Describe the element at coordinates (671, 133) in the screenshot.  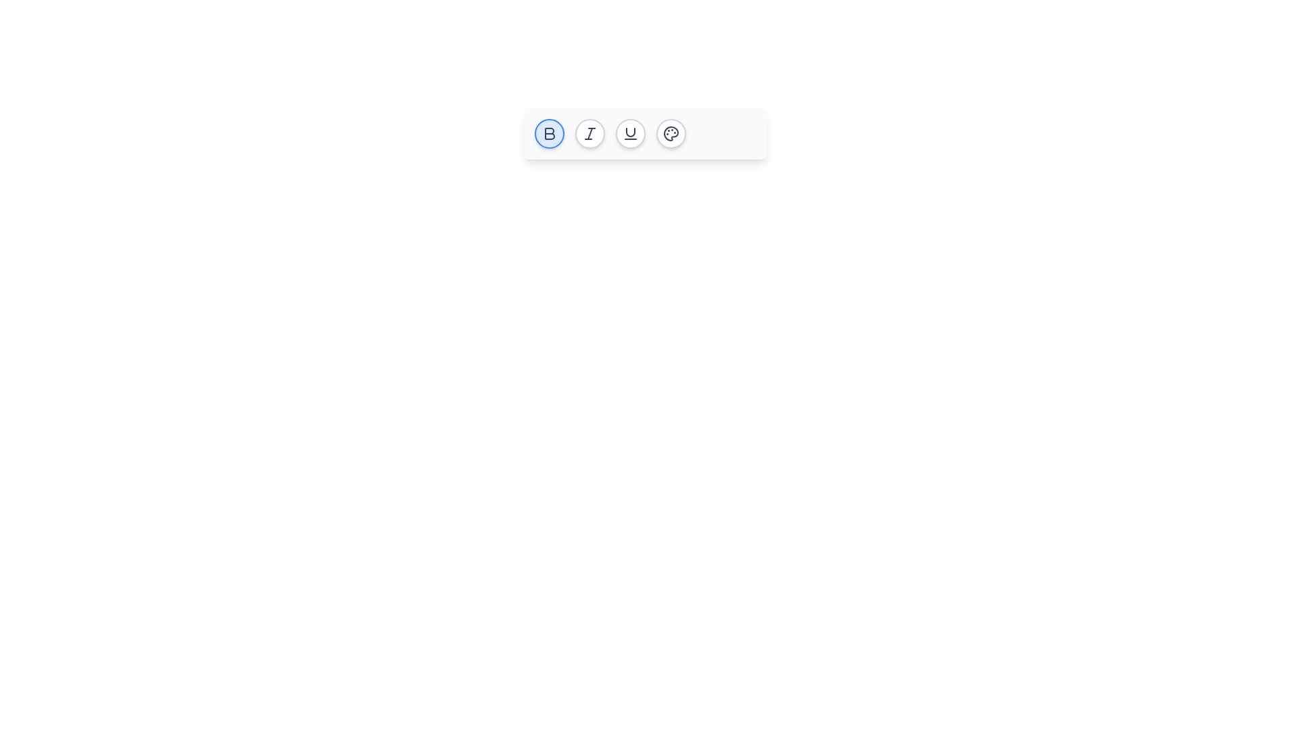
I see `the fourth icon in the toolbar at the top center of the interface` at that location.